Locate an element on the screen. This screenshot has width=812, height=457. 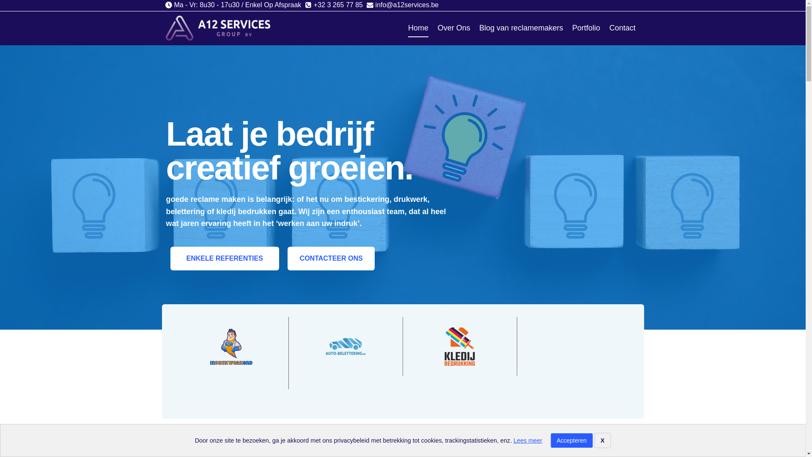
'Accepteren' is located at coordinates (571, 440).